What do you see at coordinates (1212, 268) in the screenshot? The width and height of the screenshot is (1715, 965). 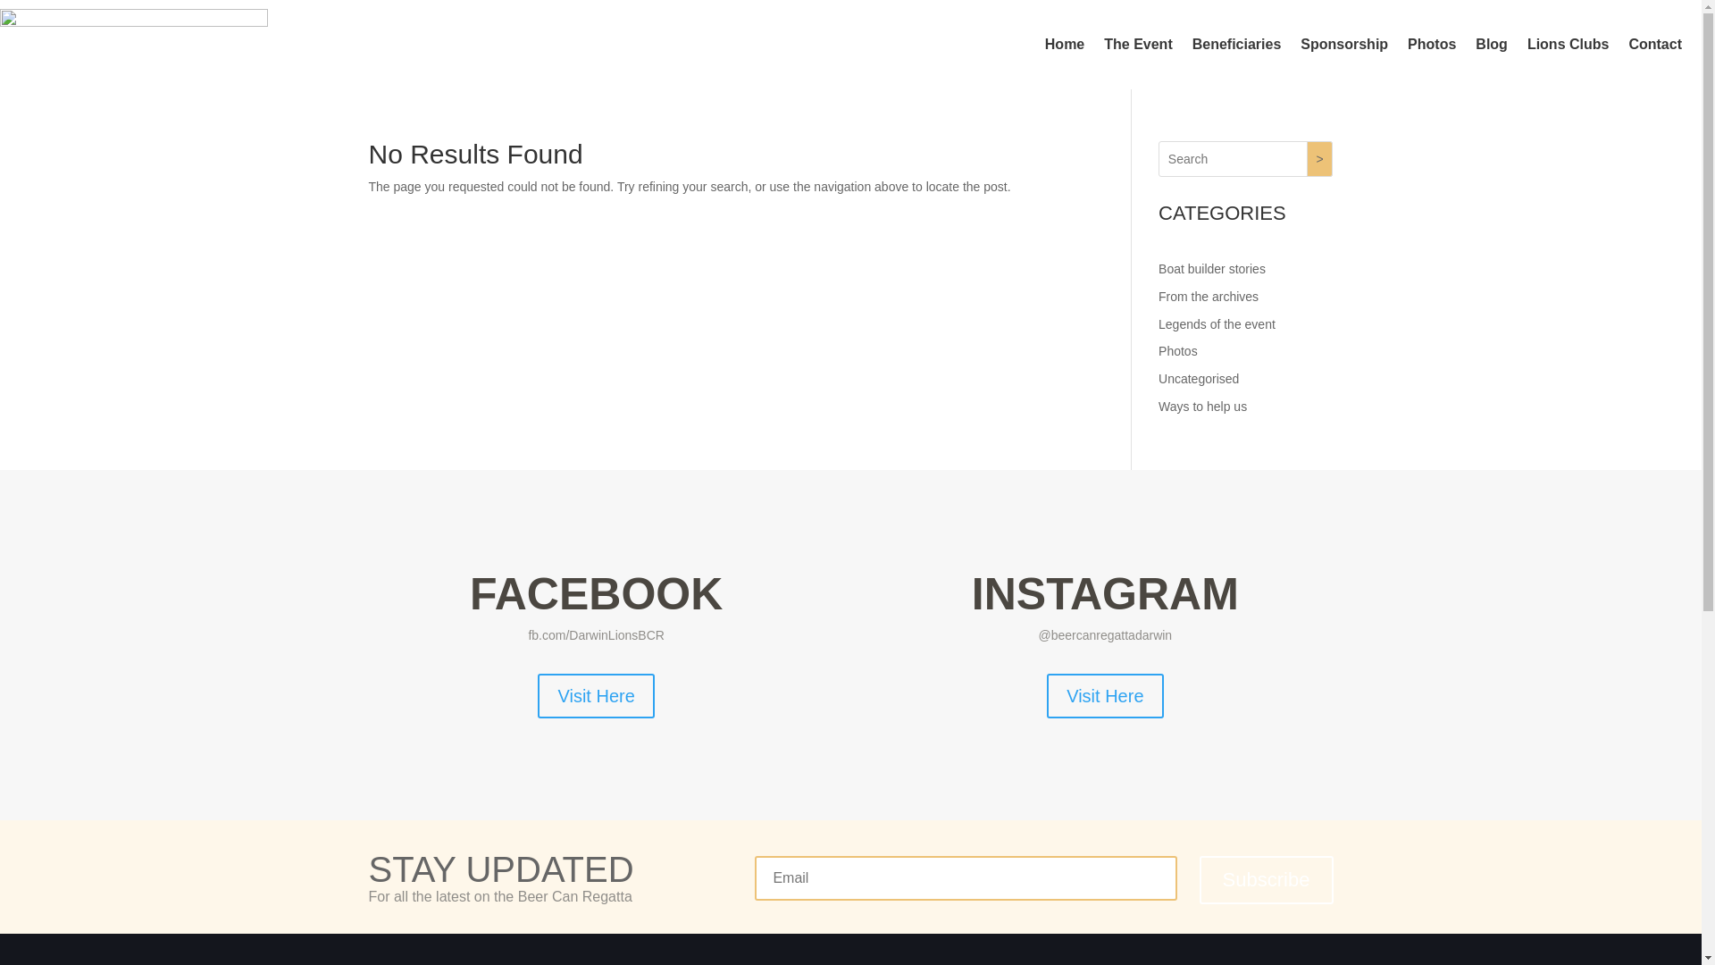 I see `'Boat builder stories'` at bounding box center [1212, 268].